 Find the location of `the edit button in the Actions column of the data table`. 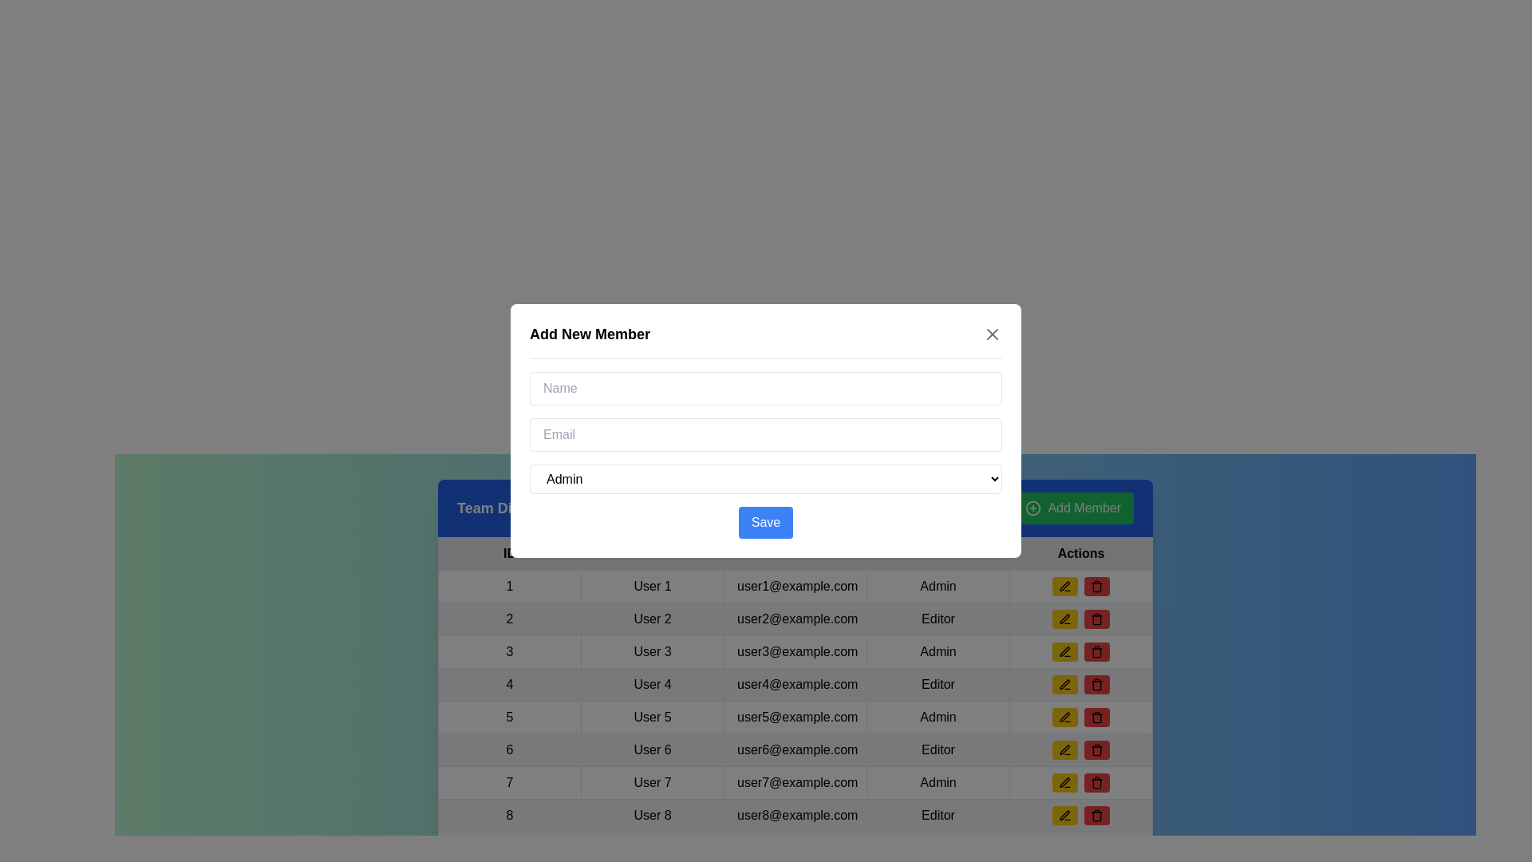

the edit button in the Actions column of the data table is located at coordinates (1080, 652).